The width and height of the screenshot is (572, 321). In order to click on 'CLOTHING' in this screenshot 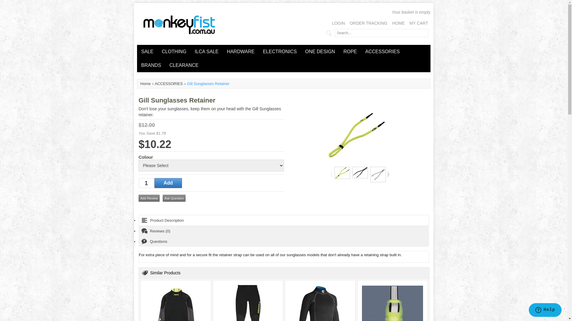, I will do `click(174, 51)`.